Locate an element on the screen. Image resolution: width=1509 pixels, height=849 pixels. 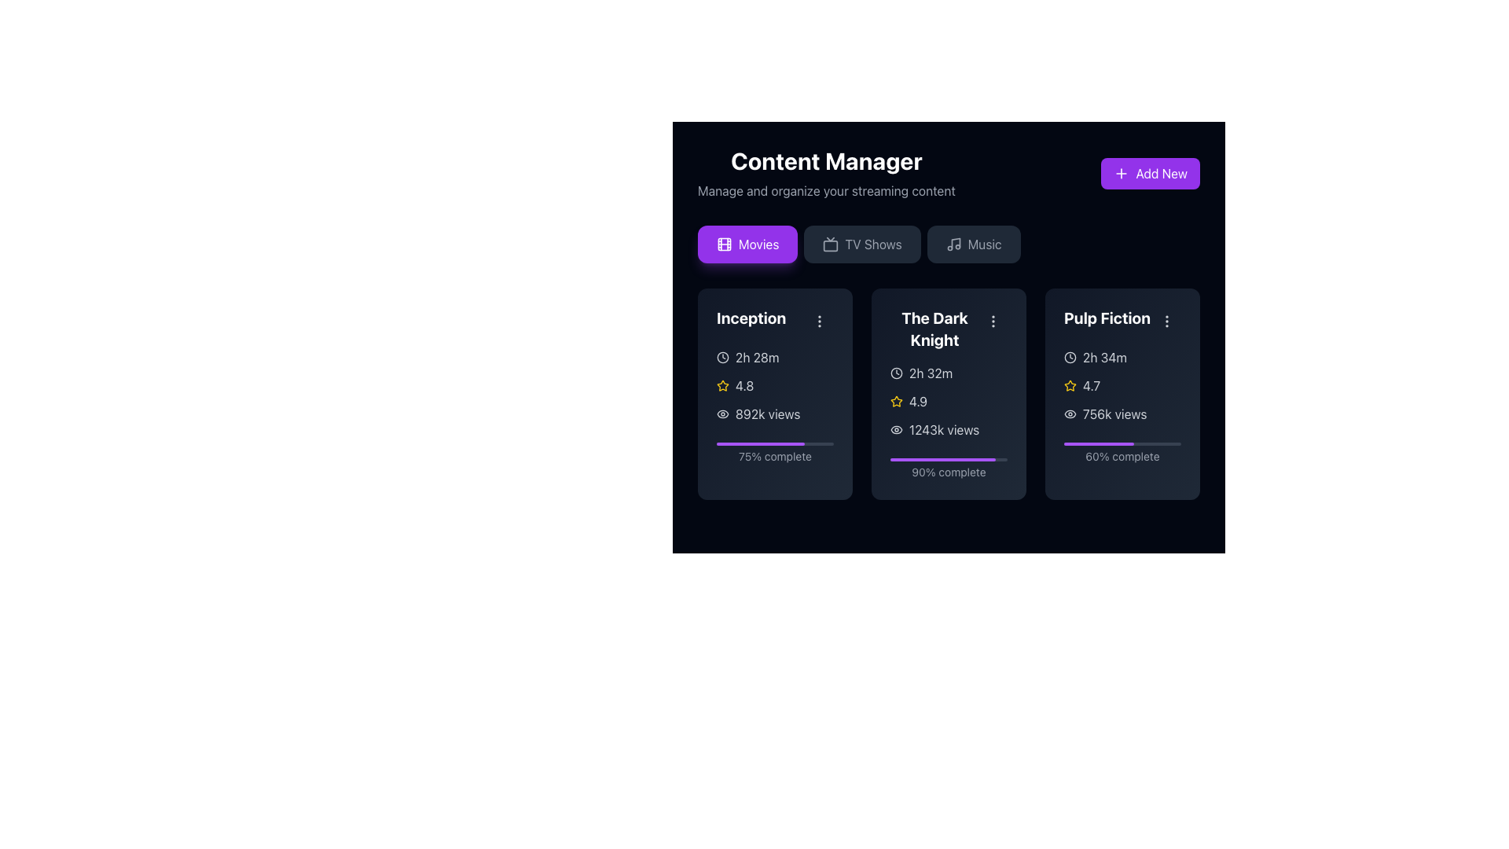
the 'Movies' button, which is the leftmost button in a horizontal group of three navigation buttons is located at coordinates (758, 244).